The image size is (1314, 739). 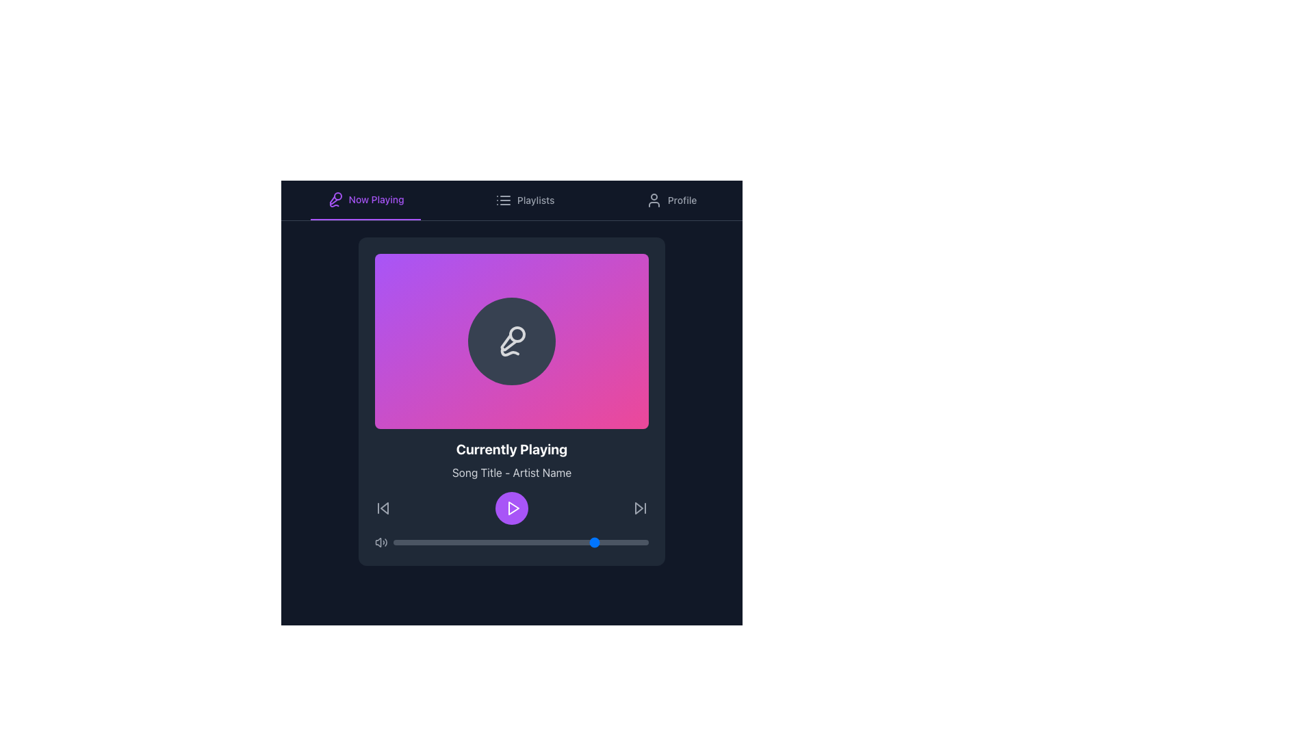 I want to click on the associated navigation button element located in the upper-right corner of the interface, next to the user profile icon, so click(x=682, y=200).